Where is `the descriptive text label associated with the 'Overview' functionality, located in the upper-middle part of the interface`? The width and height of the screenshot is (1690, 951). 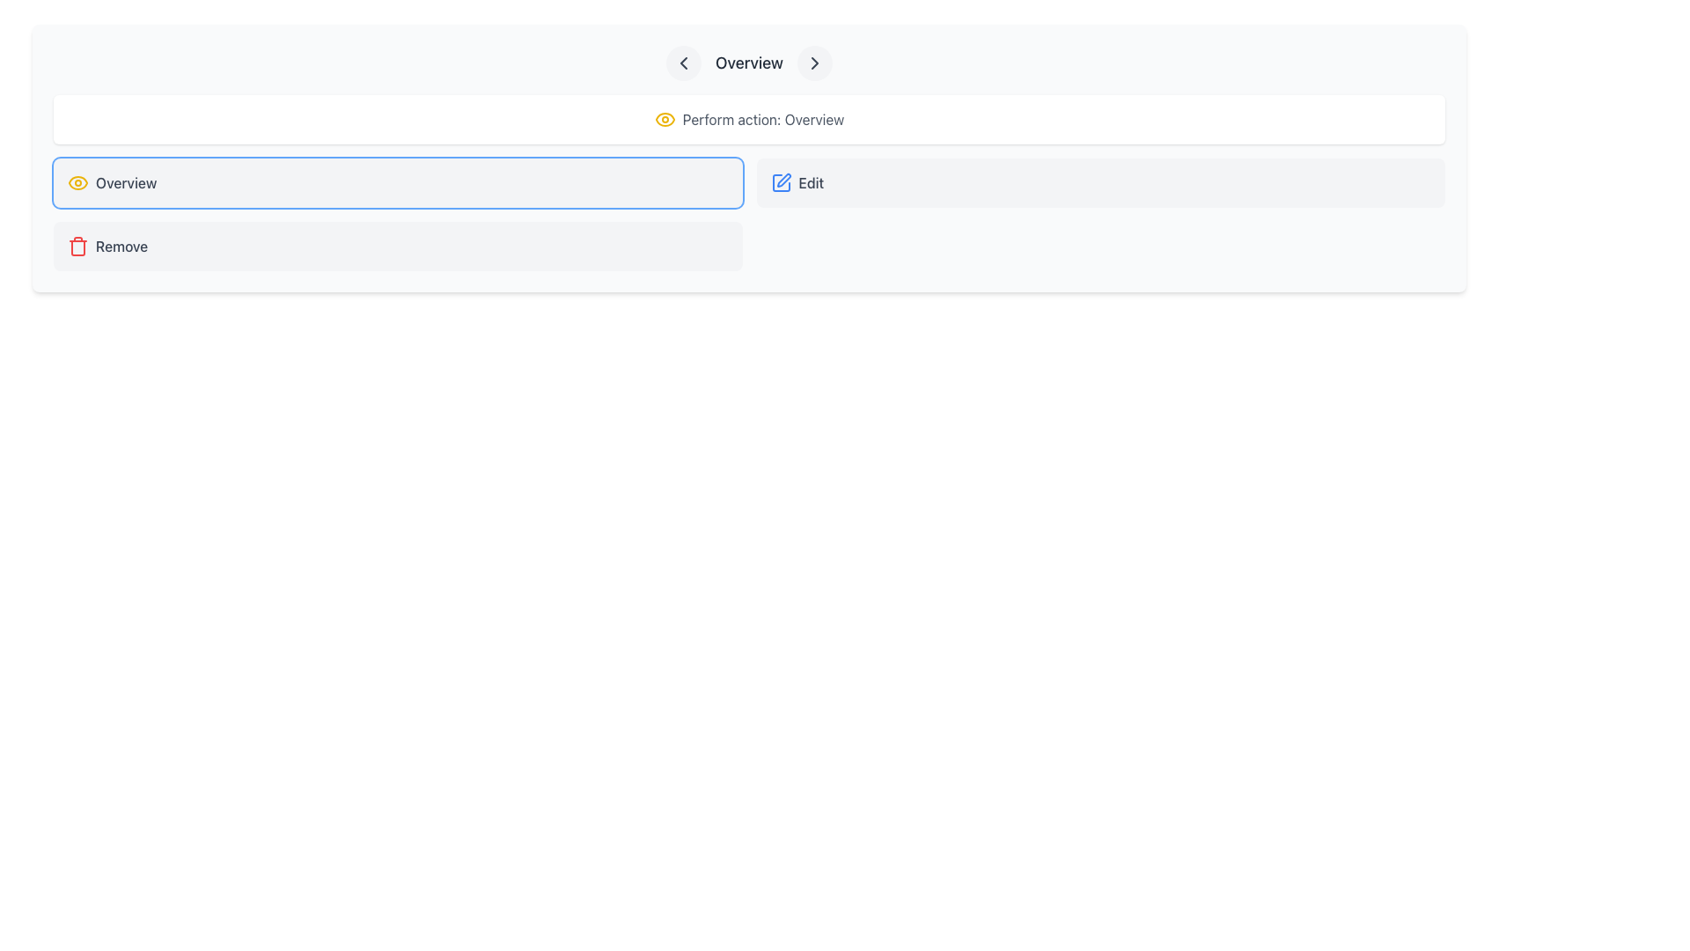
the descriptive text label associated with the 'Overview' functionality, located in the upper-middle part of the interface is located at coordinates (763, 119).